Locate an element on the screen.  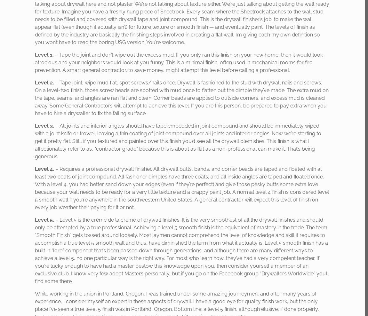
'Level 1.' is located at coordinates (44, 54).